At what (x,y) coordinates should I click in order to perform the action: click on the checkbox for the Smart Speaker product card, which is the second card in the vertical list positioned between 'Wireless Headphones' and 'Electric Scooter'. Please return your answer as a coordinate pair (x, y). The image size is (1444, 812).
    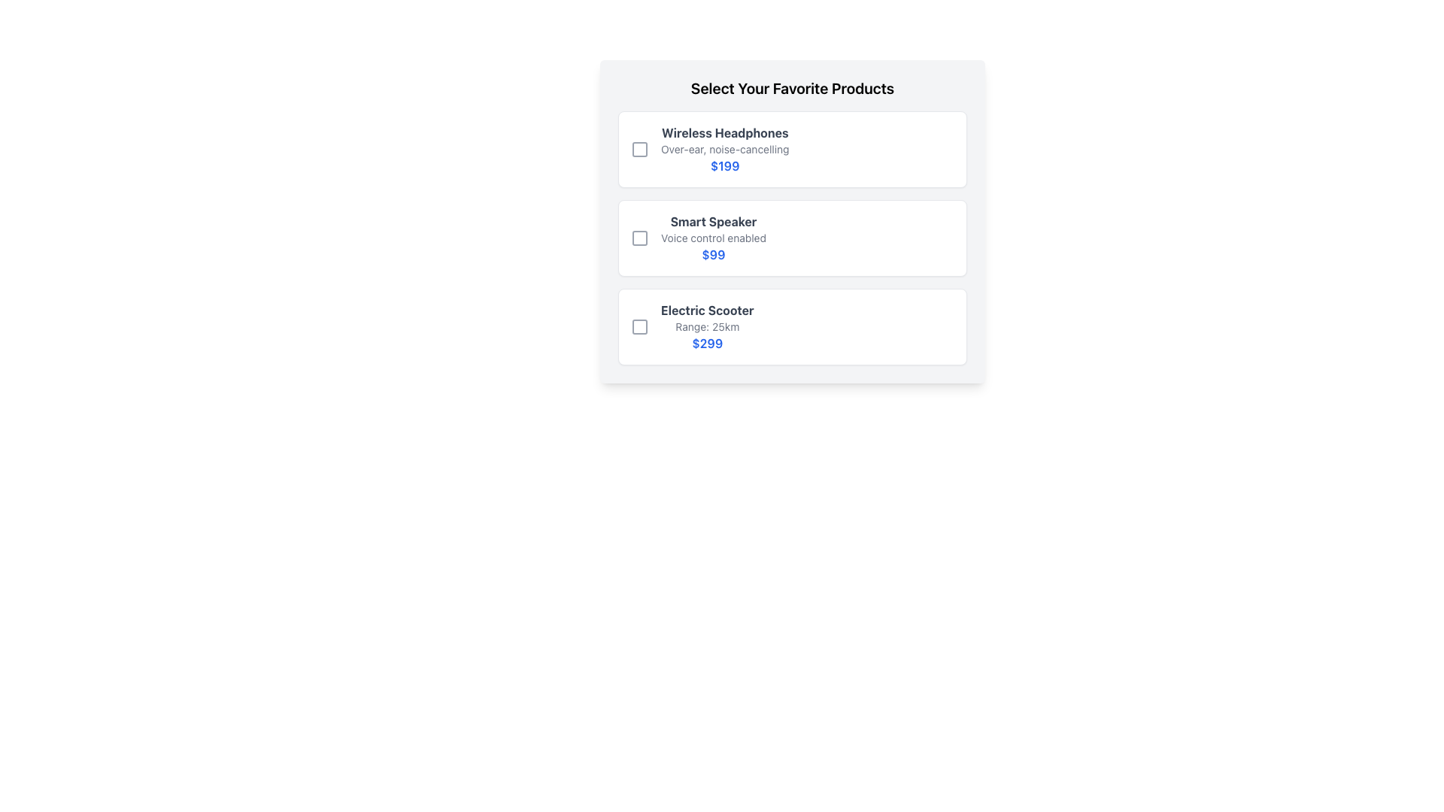
    Looking at the image, I should click on (792, 221).